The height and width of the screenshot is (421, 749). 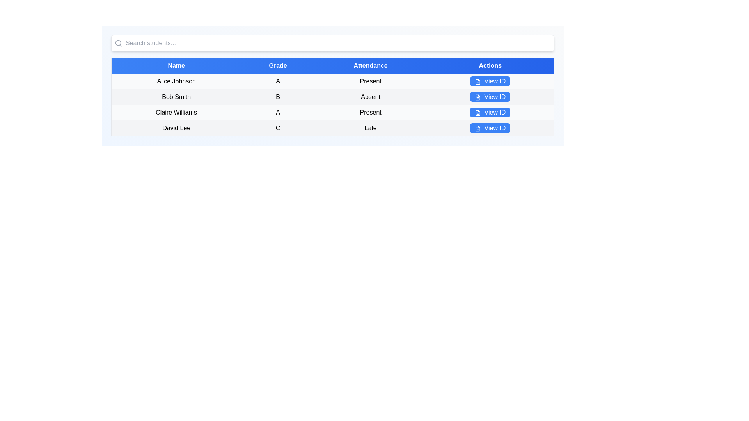 What do you see at coordinates (477, 97) in the screenshot?
I see `the file icon in the second 'View ID' button of the 'Actions' column, which is aligned to the left within the button for 'Bob Smith'` at bounding box center [477, 97].